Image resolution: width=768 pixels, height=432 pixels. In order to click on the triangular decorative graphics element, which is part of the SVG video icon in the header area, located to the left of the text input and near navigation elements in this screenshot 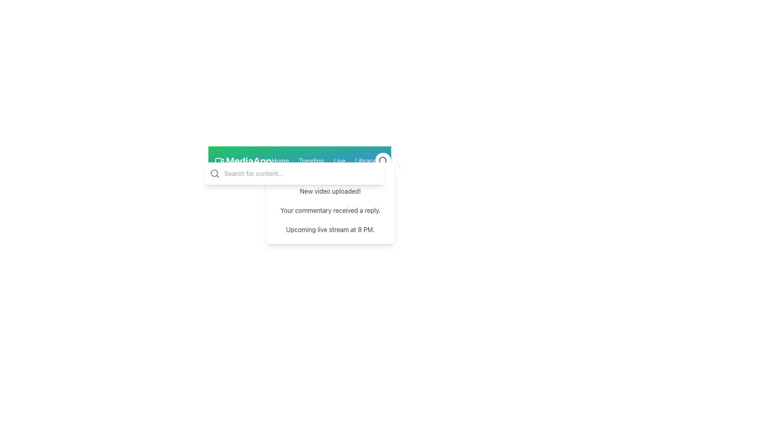, I will do `click(222, 160)`.